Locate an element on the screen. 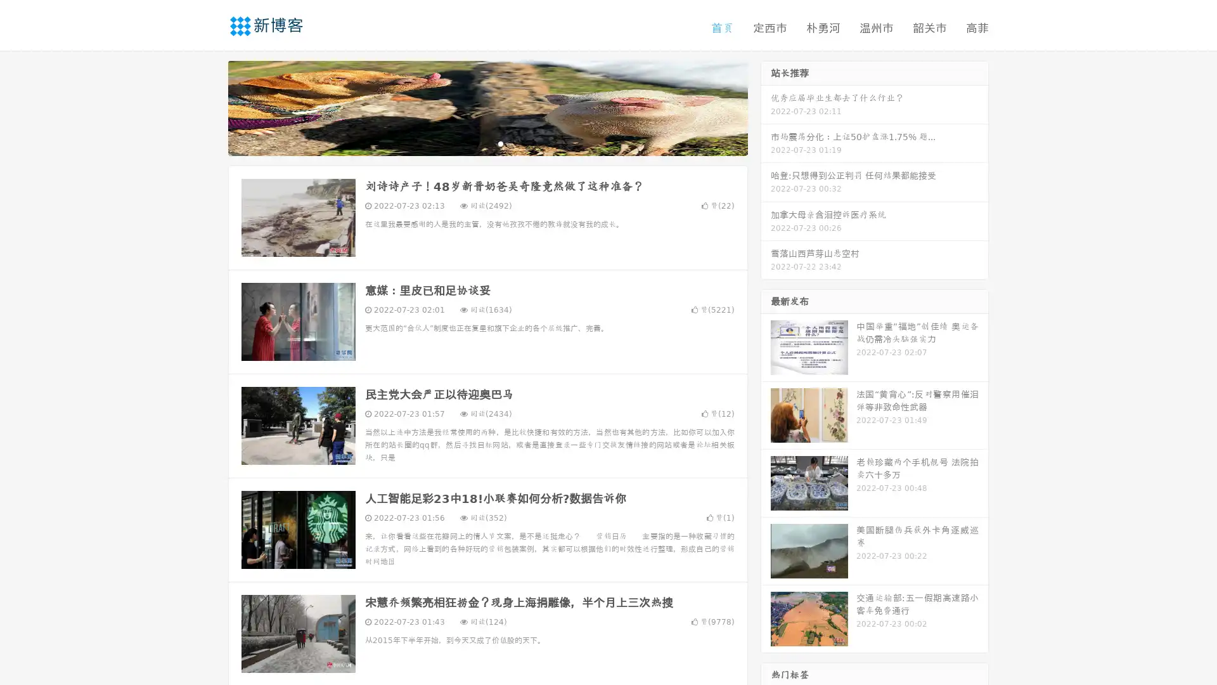 The image size is (1217, 685). Go to slide 1 is located at coordinates (474, 143).